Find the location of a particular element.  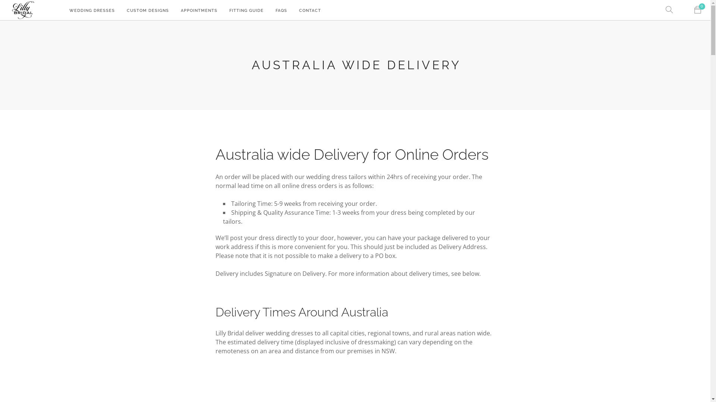

'APPOINTMENTS' is located at coordinates (199, 11).